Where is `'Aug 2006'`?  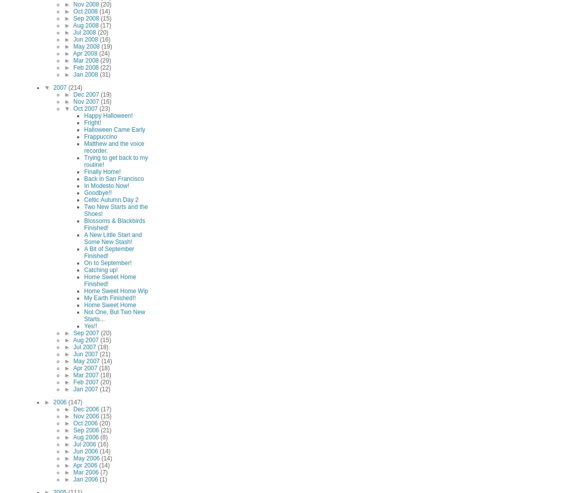 'Aug 2006' is located at coordinates (86, 437).